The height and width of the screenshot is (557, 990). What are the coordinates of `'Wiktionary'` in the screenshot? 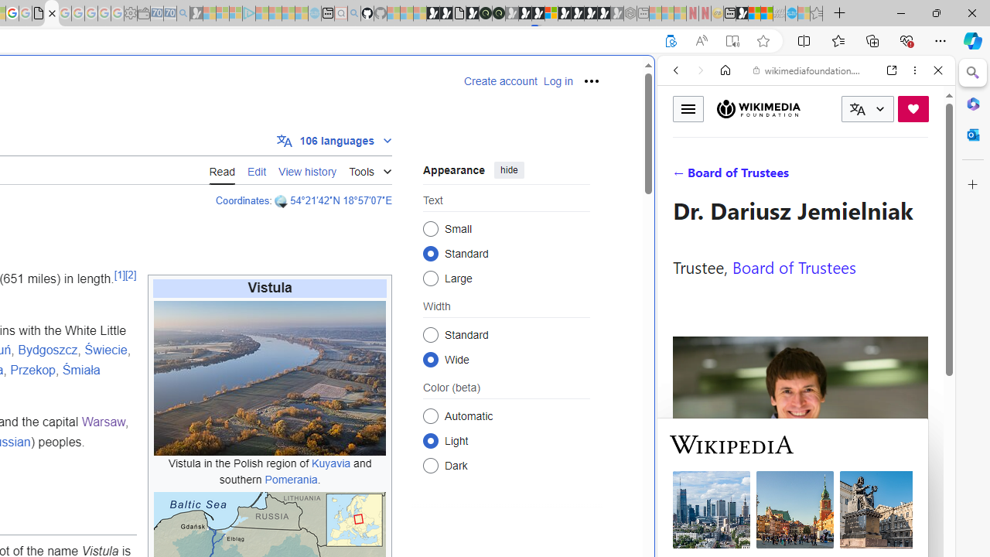 It's located at (800, 518).